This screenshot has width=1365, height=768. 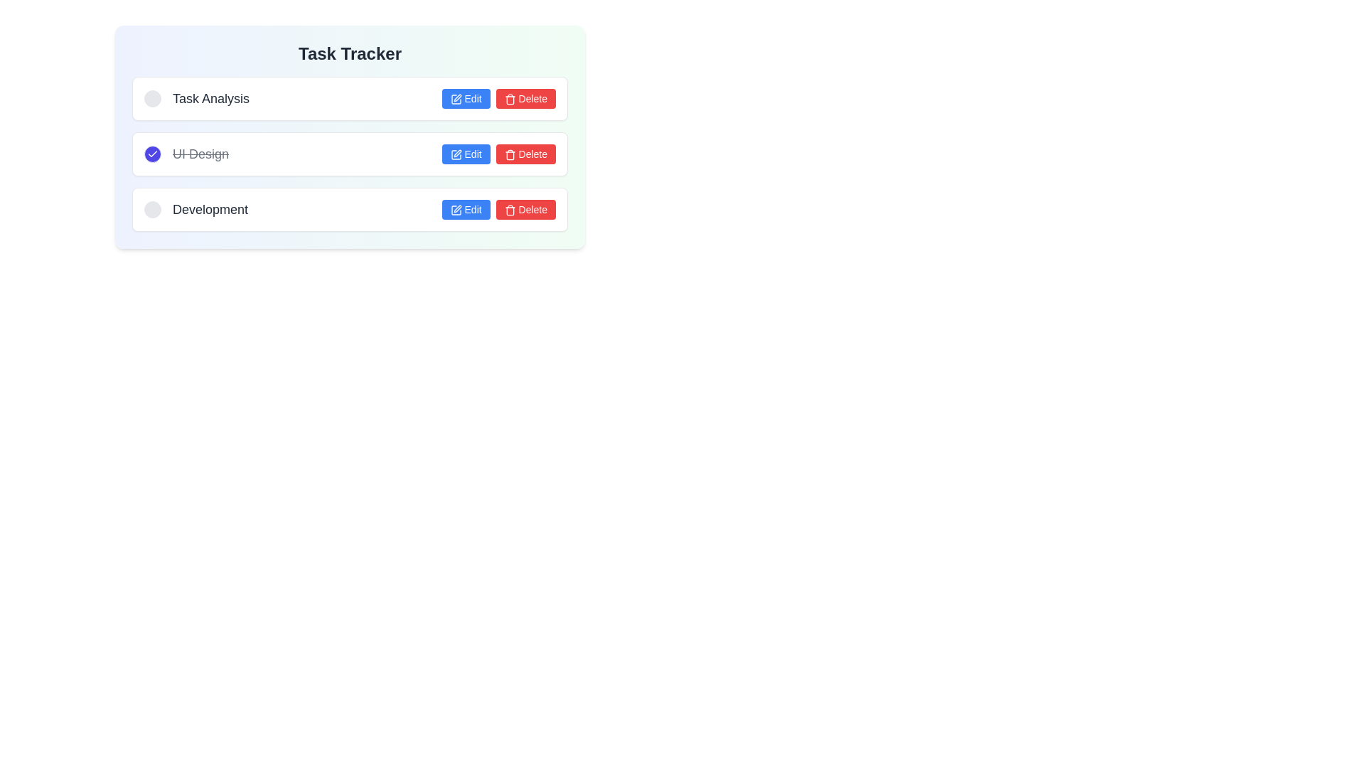 I want to click on the text label reading 'Development' located in the task list titled 'Task Tracker', specifically in the third row, positioned to the right of a circular checkbox, so click(x=196, y=209).